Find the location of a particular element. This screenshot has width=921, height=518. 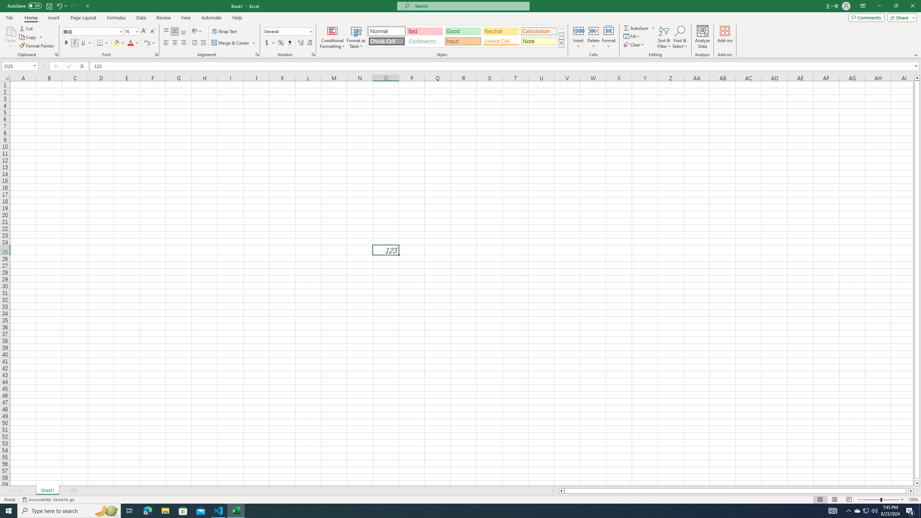

'AutoSum' is located at coordinates (639, 28).